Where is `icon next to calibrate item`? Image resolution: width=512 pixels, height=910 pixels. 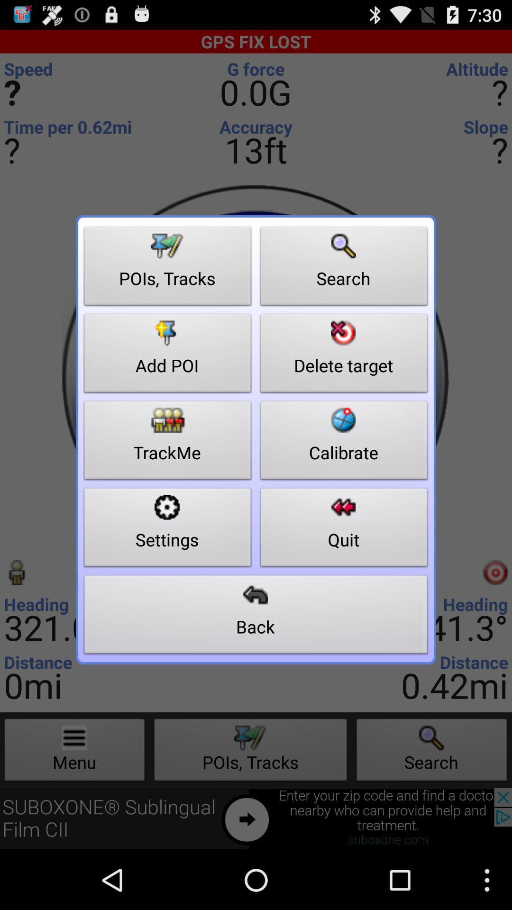
icon next to calibrate item is located at coordinates (167, 529).